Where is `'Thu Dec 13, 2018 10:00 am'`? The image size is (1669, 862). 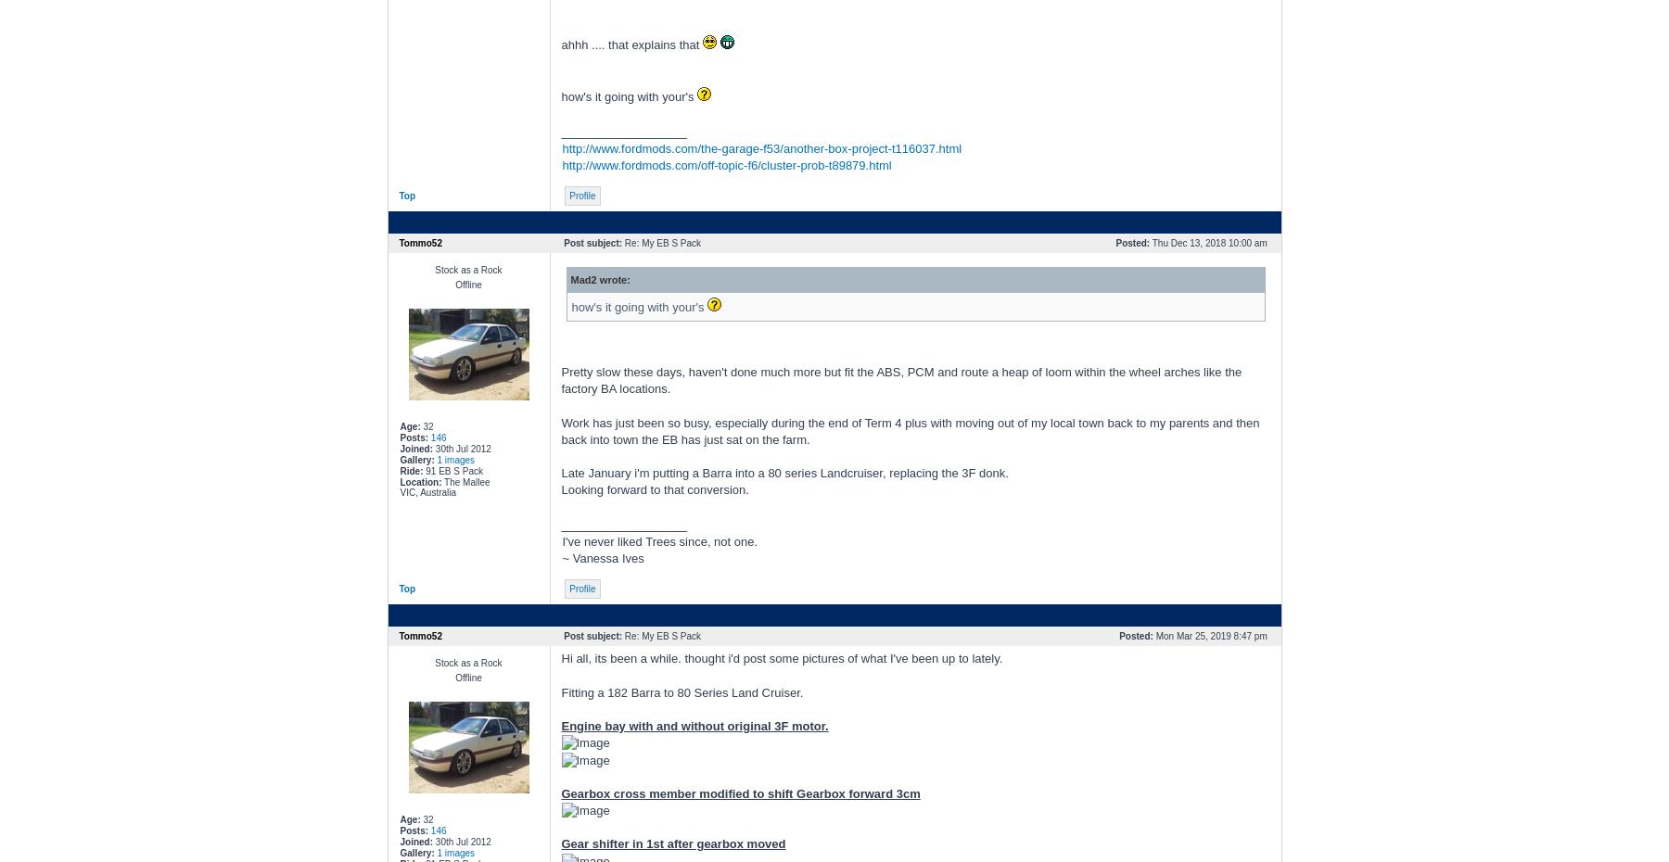
'Thu Dec 13, 2018 10:00 am' is located at coordinates (1209, 243).